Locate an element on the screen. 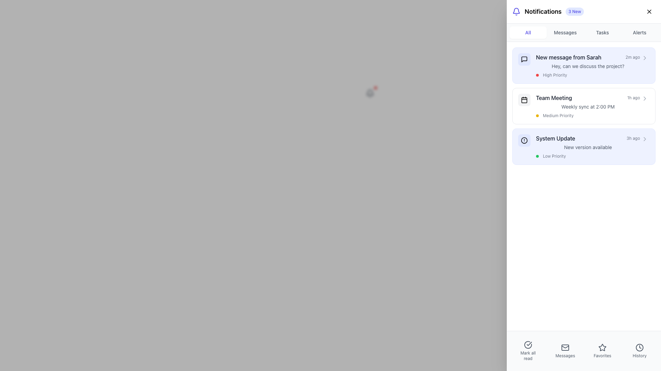 This screenshot has width=661, height=371. the title text label of the notification card located in the third position of the vertical list, which is aligned left-center and adjacent to the timestamp '3h ago' is located at coordinates (555, 138).